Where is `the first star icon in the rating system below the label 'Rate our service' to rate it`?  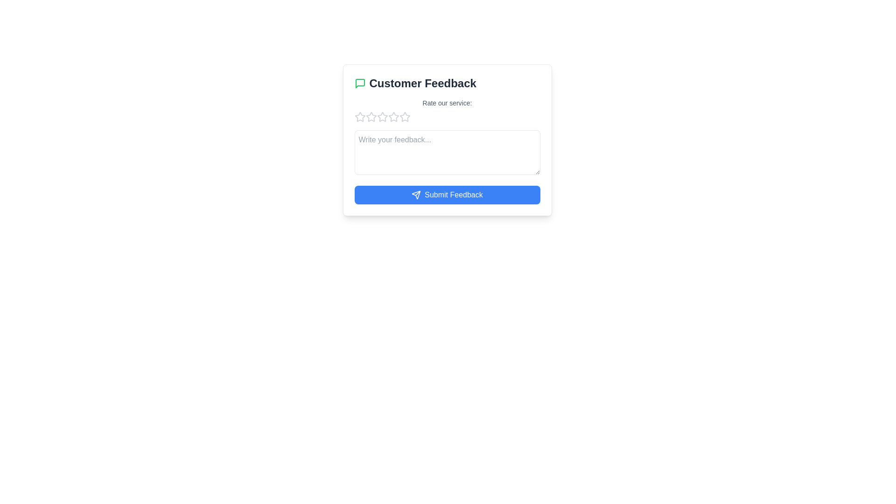 the first star icon in the rating system below the label 'Rate our service' to rate it is located at coordinates (371, 116).